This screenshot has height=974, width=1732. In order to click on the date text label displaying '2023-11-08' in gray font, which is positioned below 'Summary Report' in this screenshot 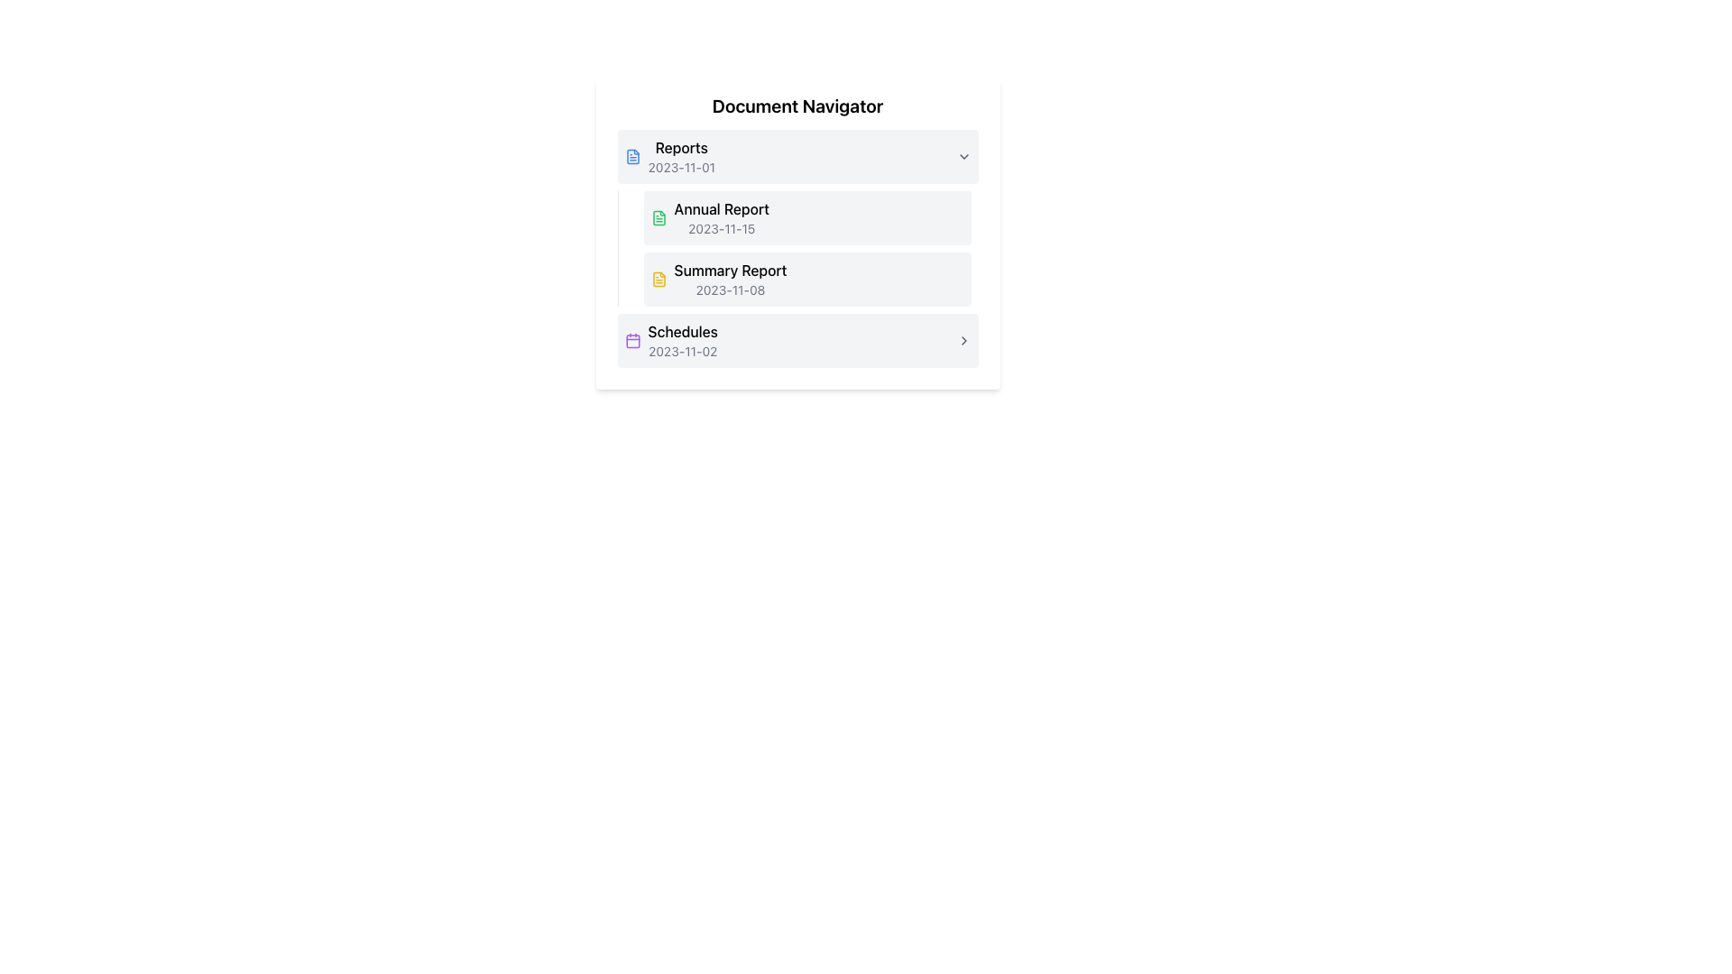, I will do `click(730, 289)`.